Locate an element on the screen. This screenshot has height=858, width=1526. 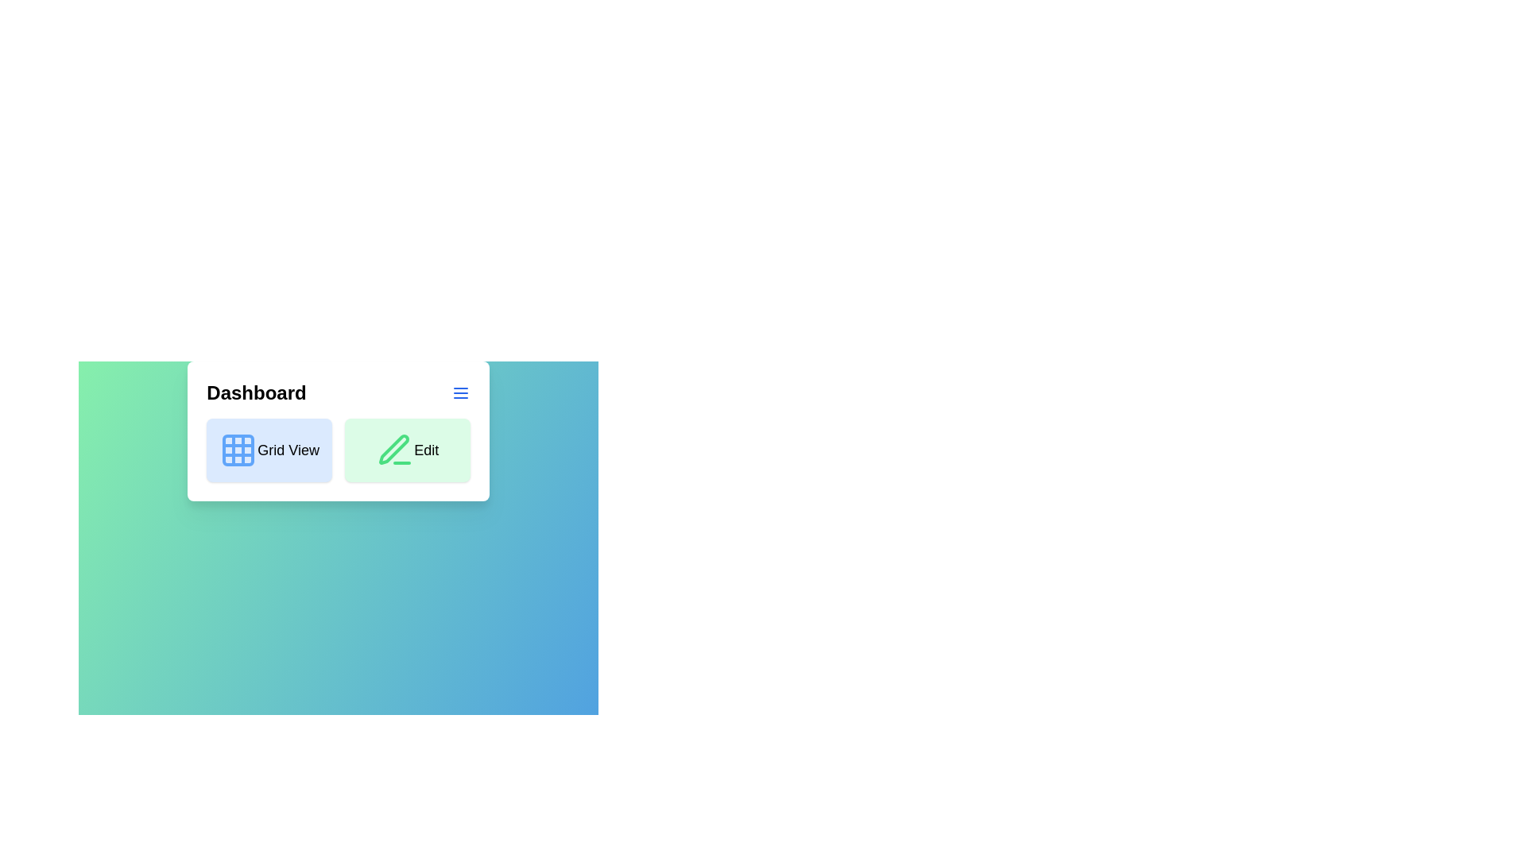
the menu icon to open the menu is located at coordinates (459, 392).